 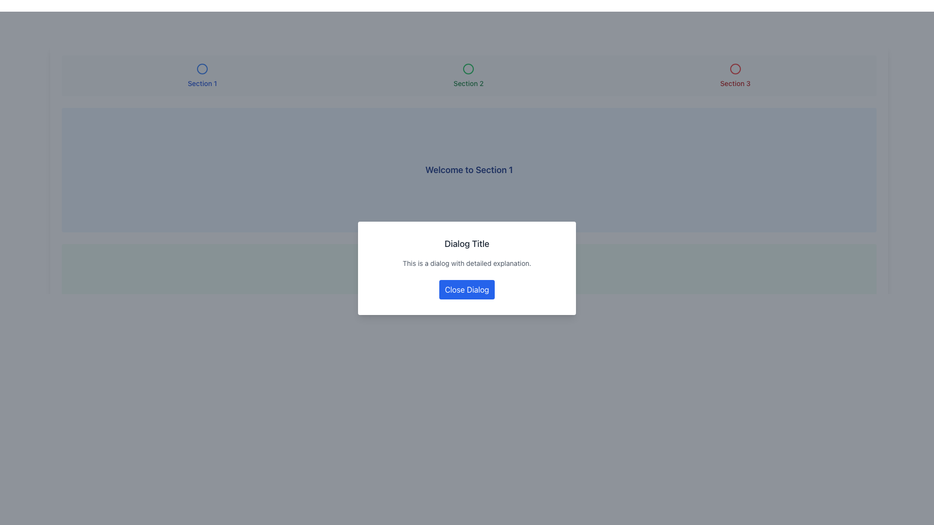 I want to click on text content of the prominently displayed text label 'Dialog Title' located at the top of the central white dialog box, so click(x=467, y=243).